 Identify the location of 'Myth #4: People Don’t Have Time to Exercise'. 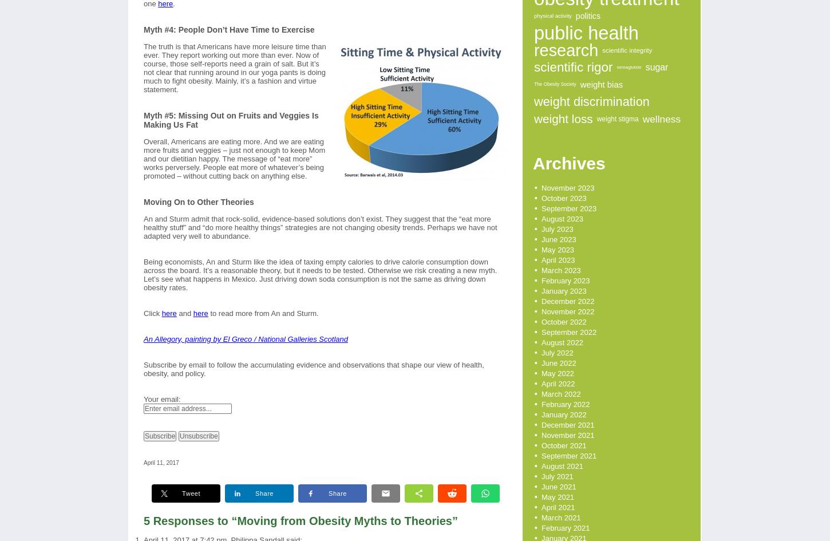
(143, 29).